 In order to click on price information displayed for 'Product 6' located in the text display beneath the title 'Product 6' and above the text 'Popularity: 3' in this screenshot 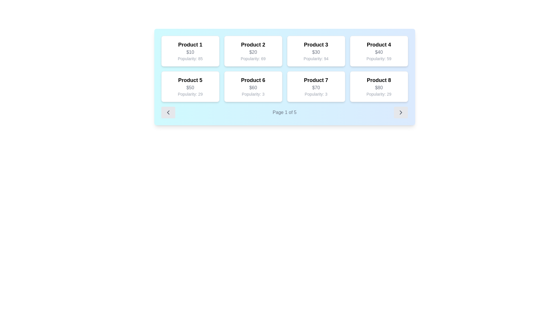, I will do `click(253, 88)`.